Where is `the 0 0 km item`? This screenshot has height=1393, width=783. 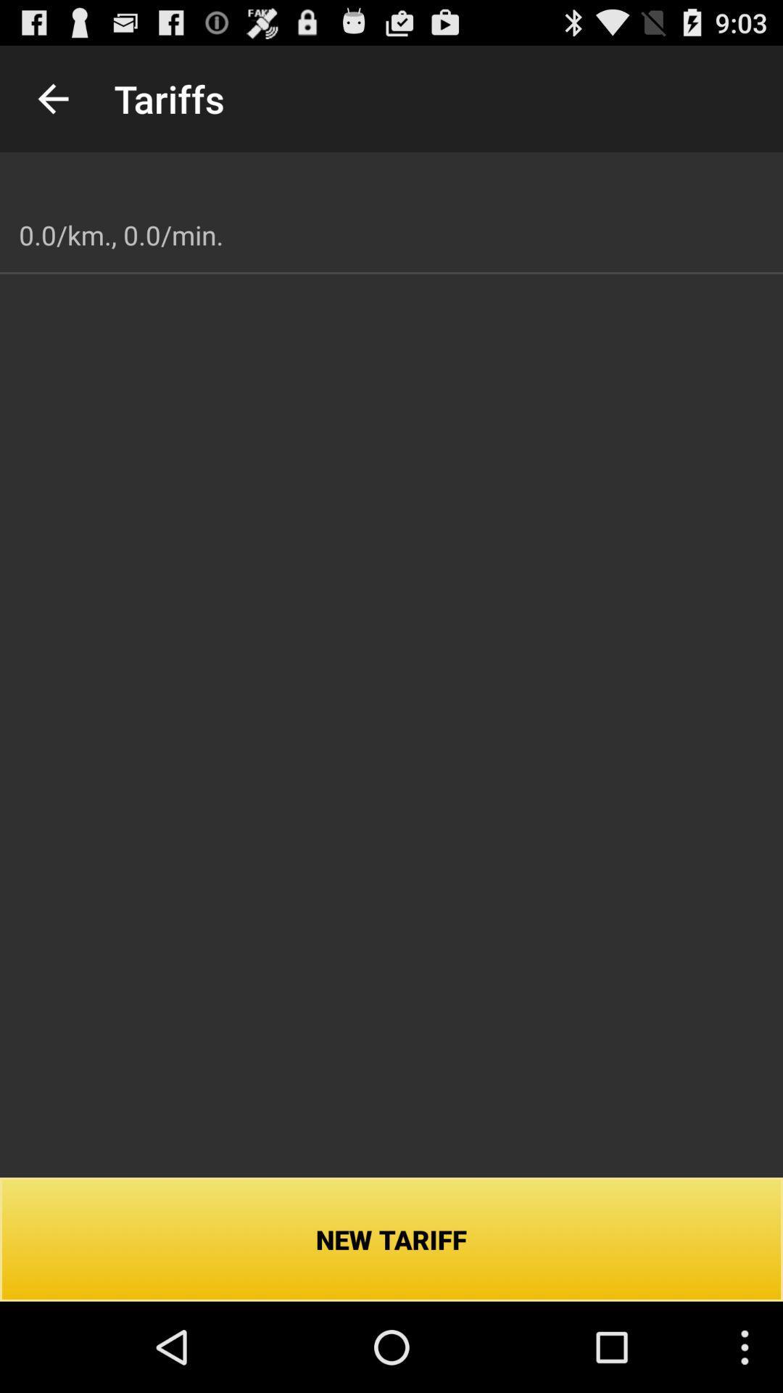
the 0 0 km item is located at coordinates (120, 235).